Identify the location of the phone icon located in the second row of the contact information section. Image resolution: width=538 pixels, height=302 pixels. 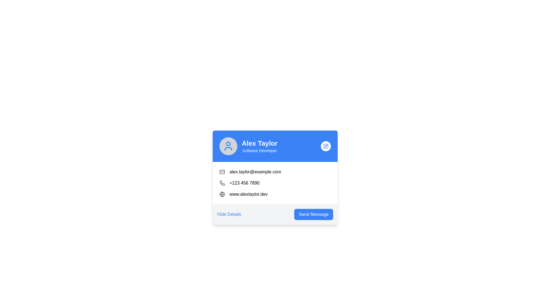
(222, 183).